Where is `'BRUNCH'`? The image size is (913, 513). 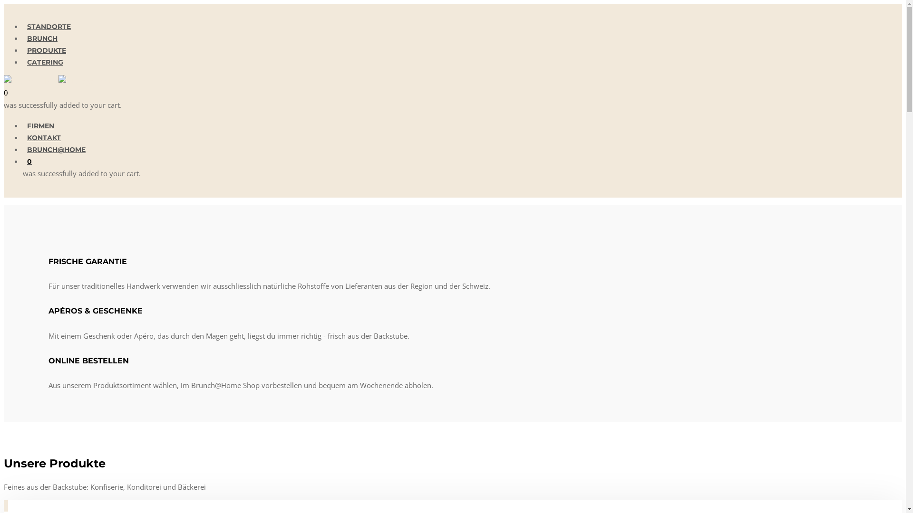 'BRUNCH' is located at coordinates (42, 38).